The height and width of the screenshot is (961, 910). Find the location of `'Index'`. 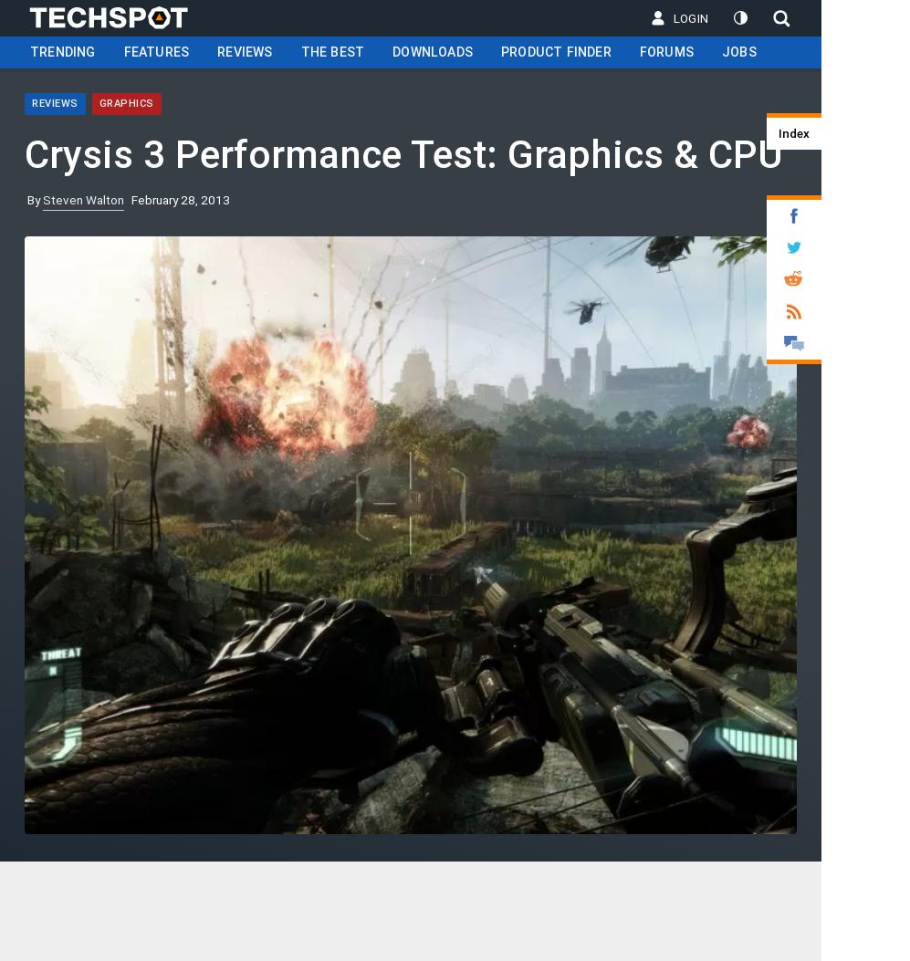

'Index' is located at coordinates (792, 132).